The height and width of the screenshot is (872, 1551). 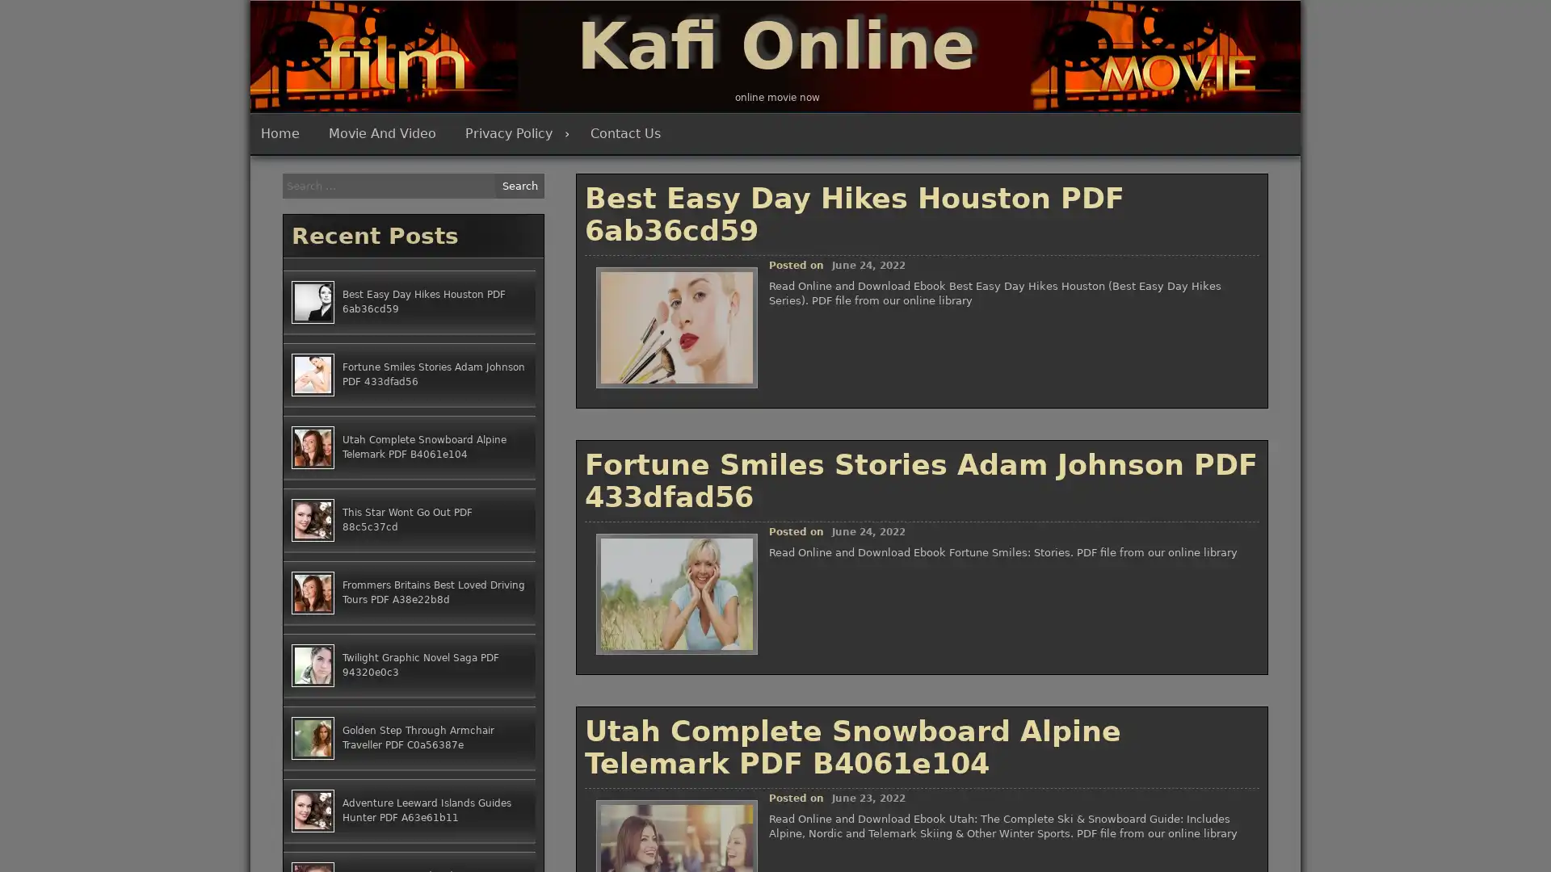 What do you see at coordinates (519, 185) in the screenshot?
I see `Search` at bounding box center [519, 185].